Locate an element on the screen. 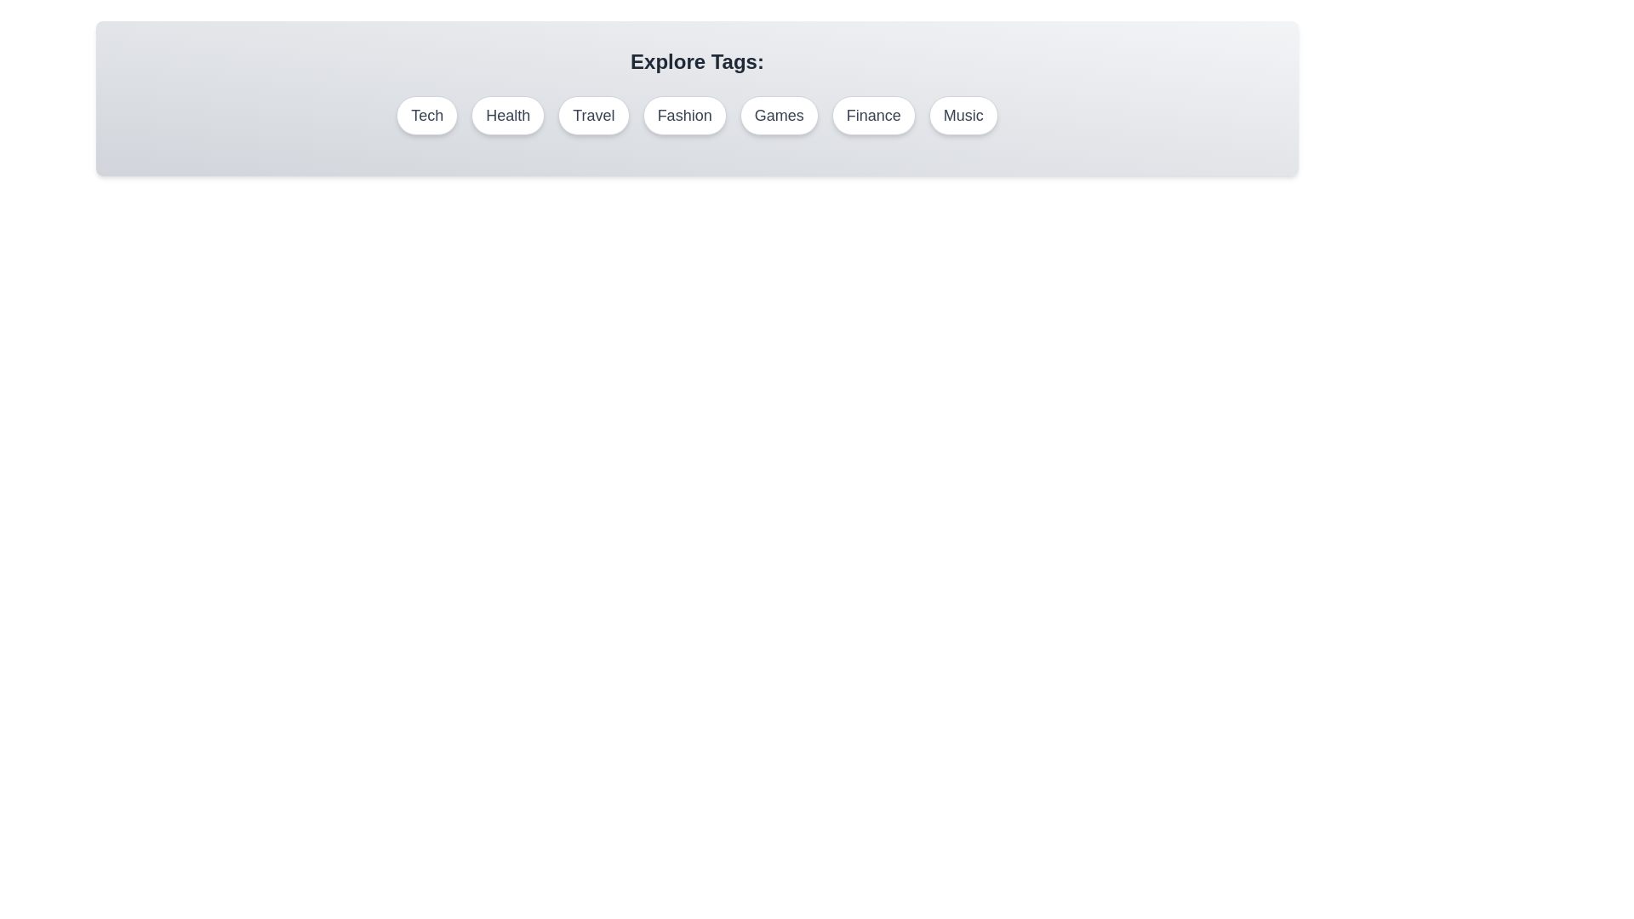 Image resolution: width=1634 pixels, height=919 pixels. the tag labeled Health to deselect it is located at coordinates (507, 115).